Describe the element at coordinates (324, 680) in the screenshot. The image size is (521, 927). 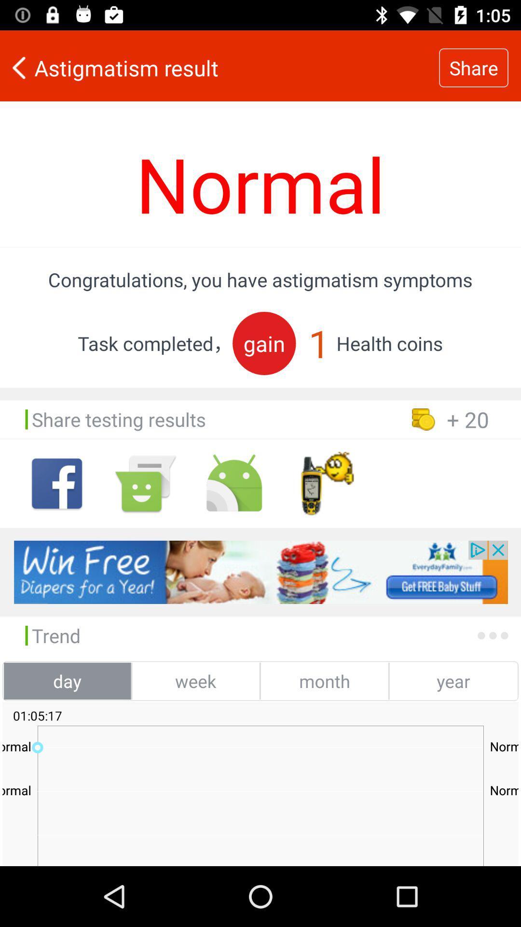
I see `the month item` at that location.